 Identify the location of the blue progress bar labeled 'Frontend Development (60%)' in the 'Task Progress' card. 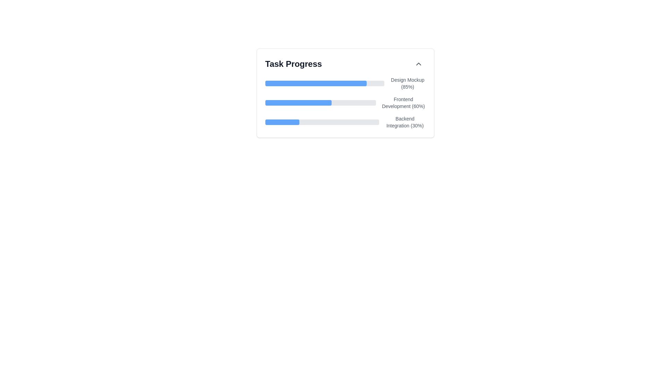
(298, 103).